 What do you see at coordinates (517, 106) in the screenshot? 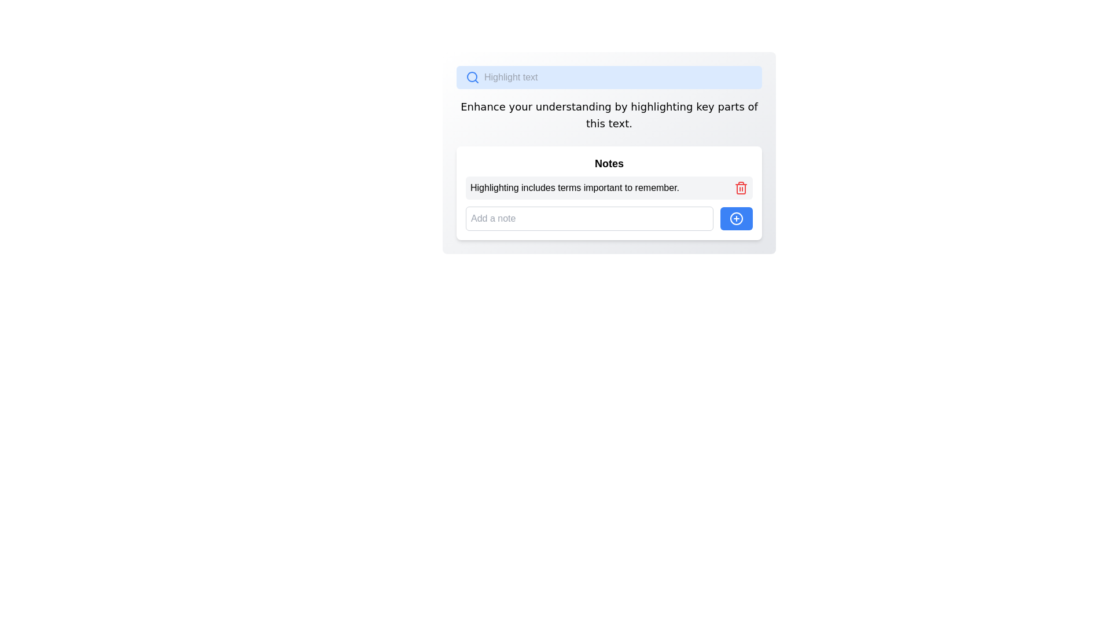
I see `the static character 'o' in the word 'your' within the instructional sentence 'Enhance your understanding by highlighting key parts of this text.'` at bounding box center [517, 106].